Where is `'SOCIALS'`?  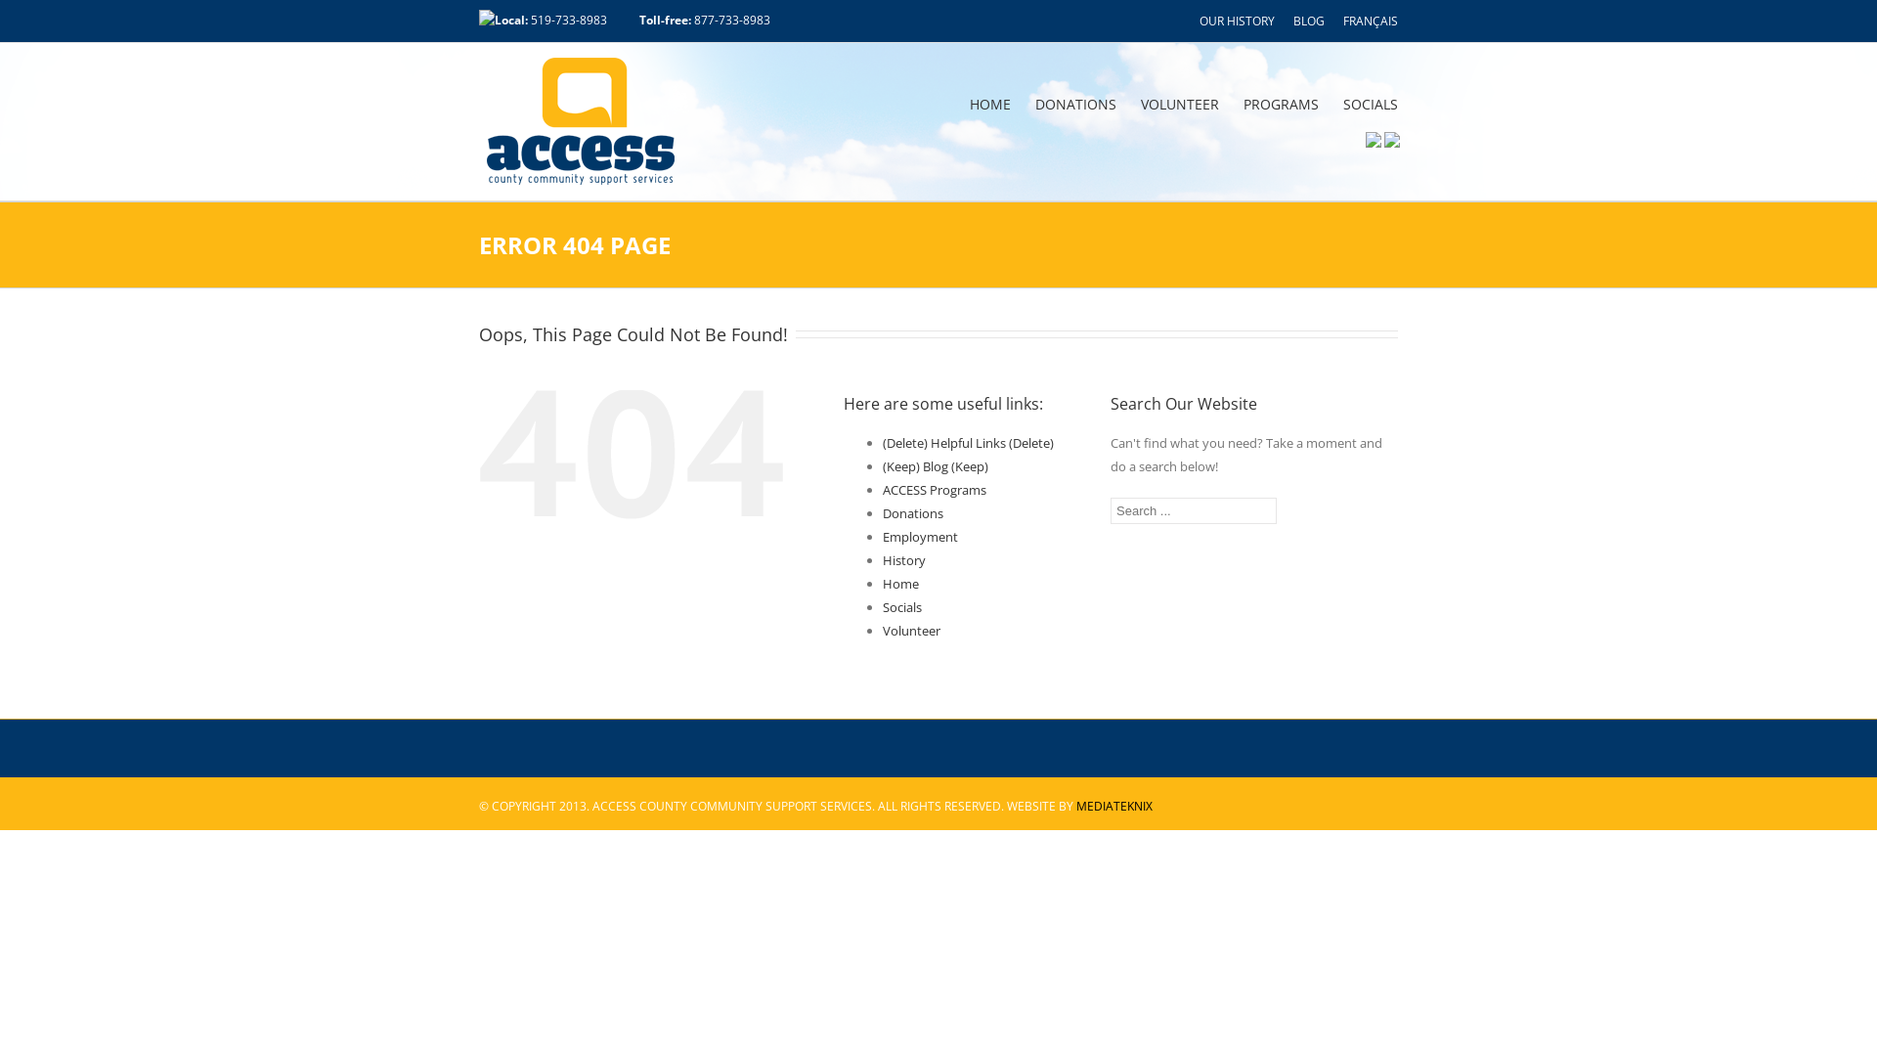
'SOCIALS' is located at coordinates (1341, 103).